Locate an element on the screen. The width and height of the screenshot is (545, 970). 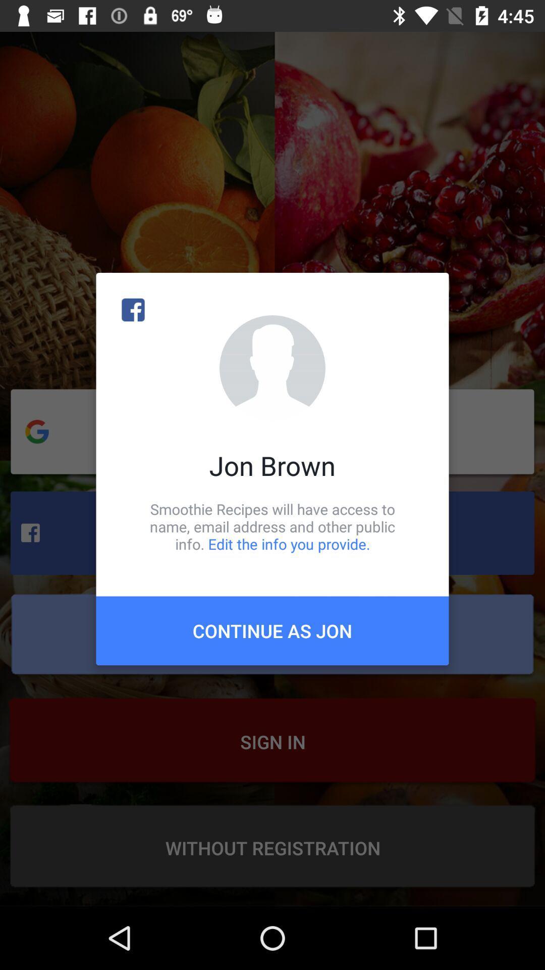
the continue as jon icon is located at coordinates (272, 630).